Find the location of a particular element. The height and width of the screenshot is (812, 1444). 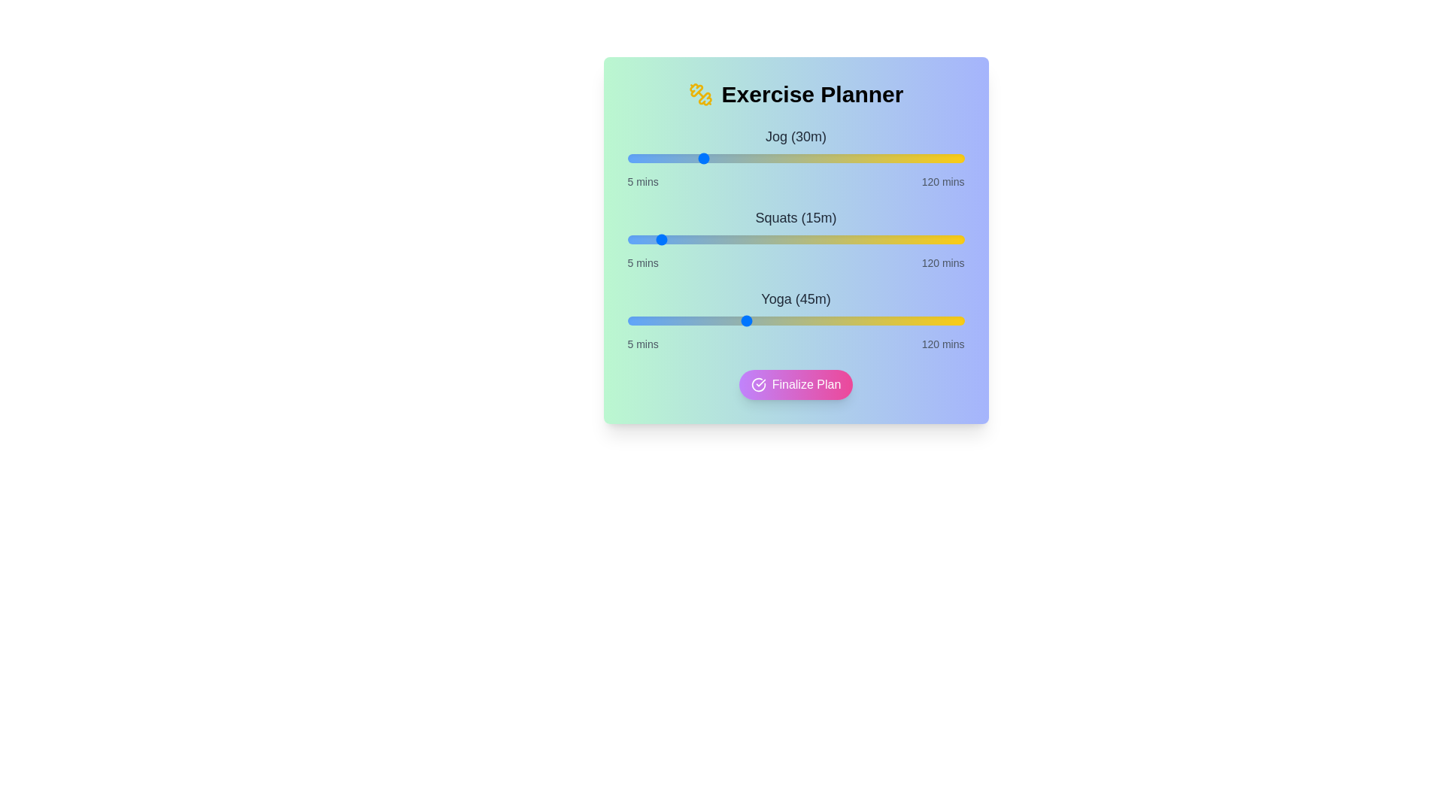

the duration of the 1 slider to 13 minutes is located at coordinates (651, 239).